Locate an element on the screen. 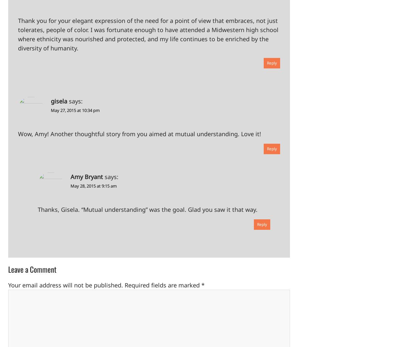 The height and width of the screenshot is (347, 410). 'Thanks, Gisela.  “Mutual understanding” was the goal.  Glad you saw it that way.' is located at coordinates (37, 210).